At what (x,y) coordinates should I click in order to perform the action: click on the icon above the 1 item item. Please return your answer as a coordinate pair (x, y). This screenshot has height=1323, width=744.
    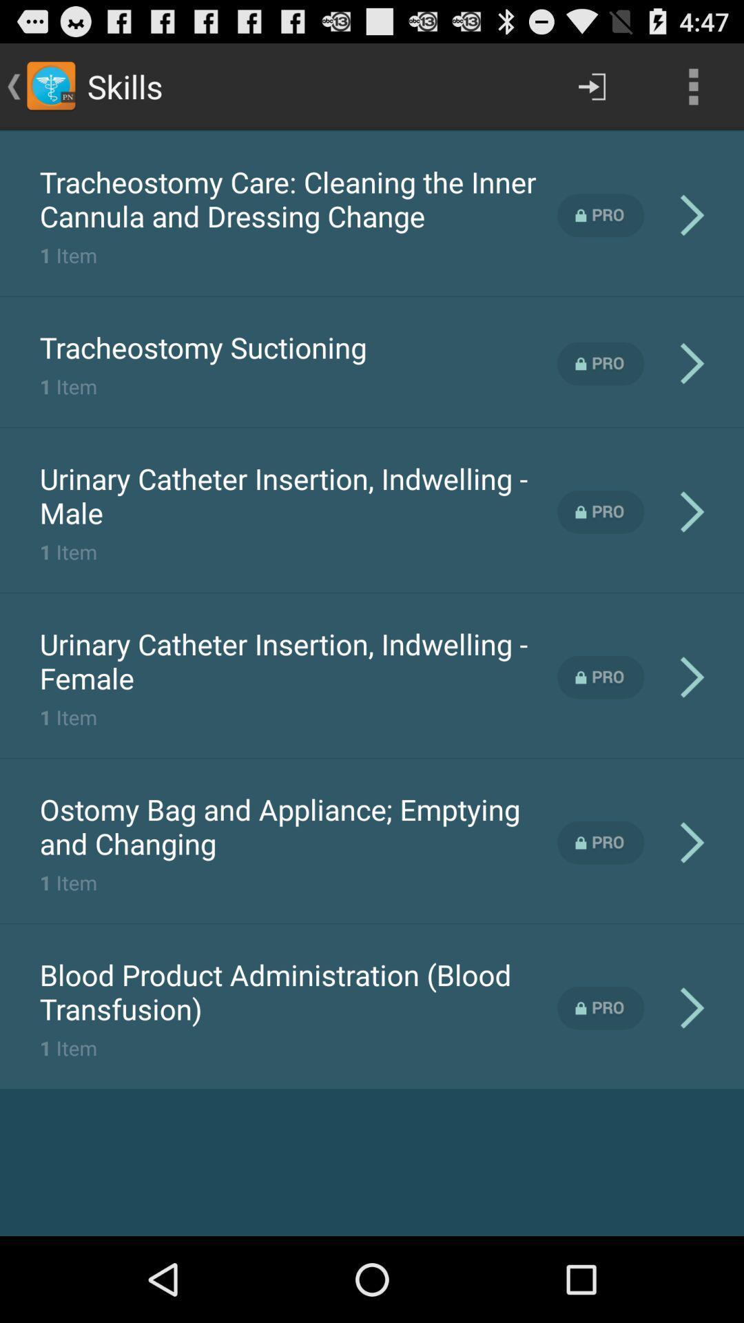
    Looking at the image, I should click on (298, 991).